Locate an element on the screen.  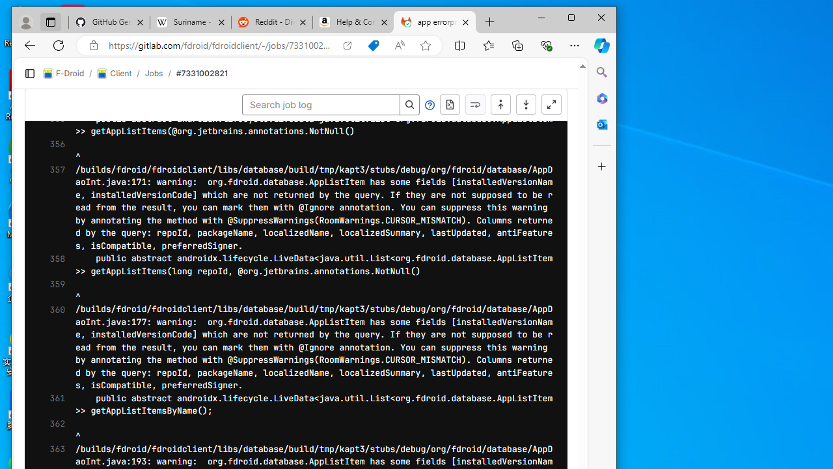
'F-Droid' is located at coordinates (63, 73).